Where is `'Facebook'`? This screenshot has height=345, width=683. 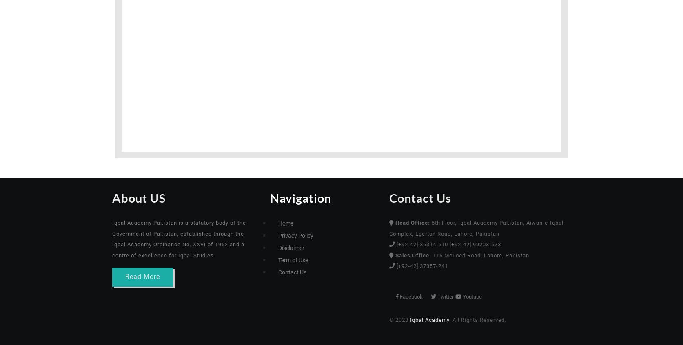
'Facebook' is located at coordinates (447, 296).